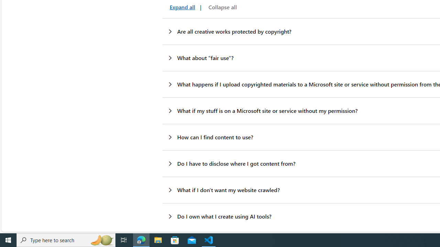 The height and width of the screenshot is (247, 440). I want to click on ' Expand all', so click(181, 7).